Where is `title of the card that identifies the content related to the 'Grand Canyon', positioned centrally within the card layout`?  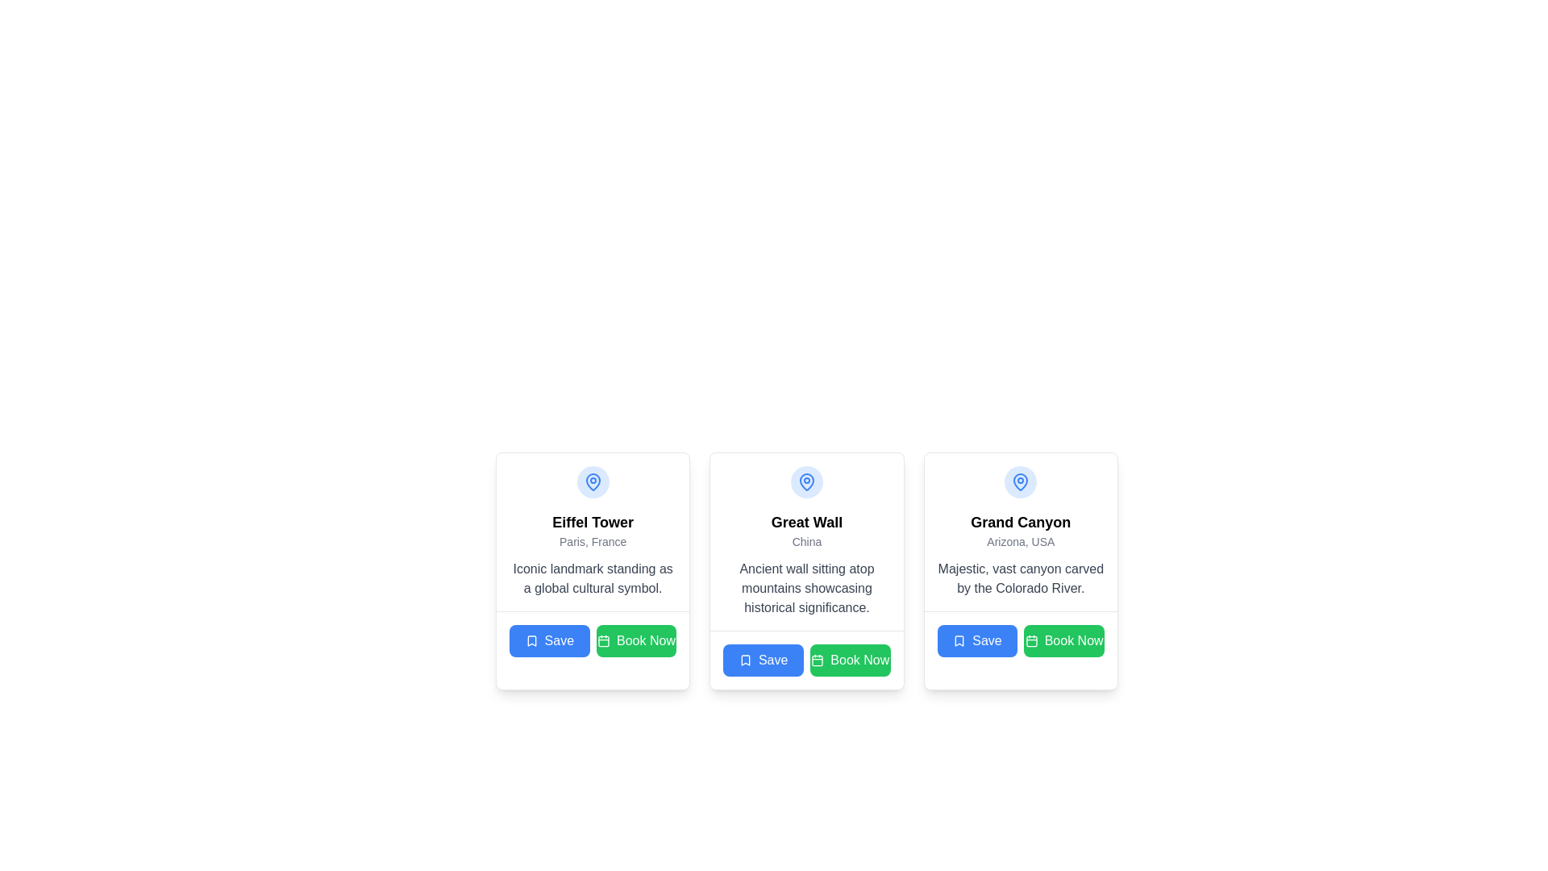
title of the card that identifies the content related to the 'Grand Canyon', positioned centrally within the card layout is located at coordinates (1020, 523).